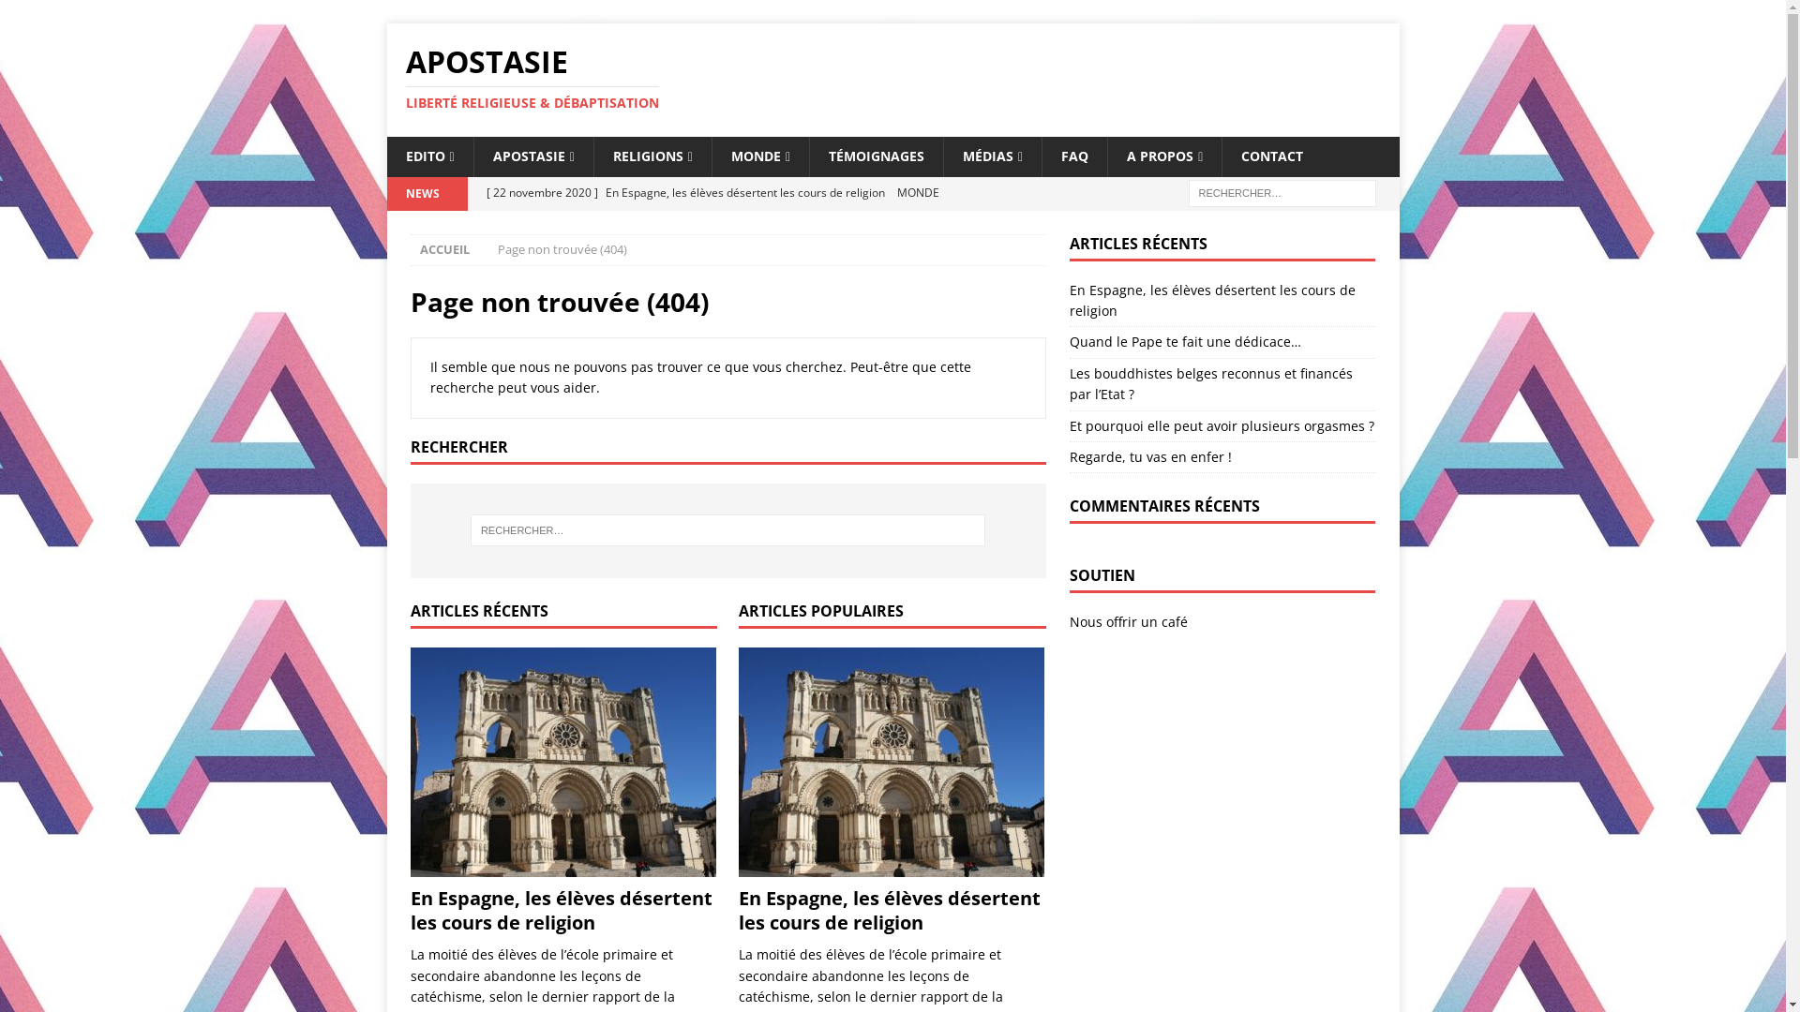  What do you see at coordinates (1271, 155) in the screenshot?
I see `'CONTACT'` at bounding box center [1271, 155].